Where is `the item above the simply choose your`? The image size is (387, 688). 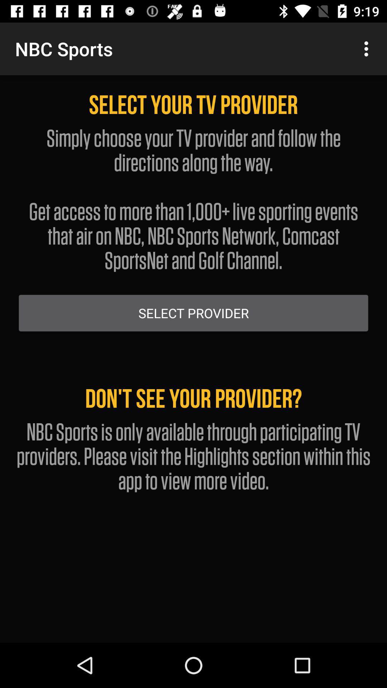
the item above the simply choose your is located at coordinates (368, 48).